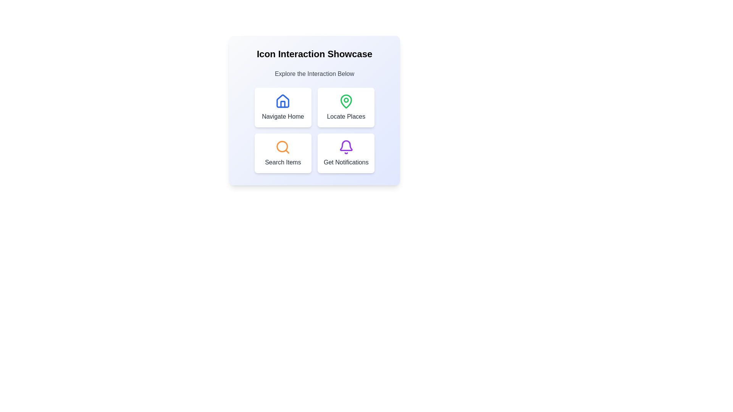 The height and width of the screenshot is (412, 733). What do you see at coordinates (346, 145) in the screenshot?
I see `the notification bell icon located within the bottom-right card labeled 'Get Notifications'` at bounding box center [346, 145].